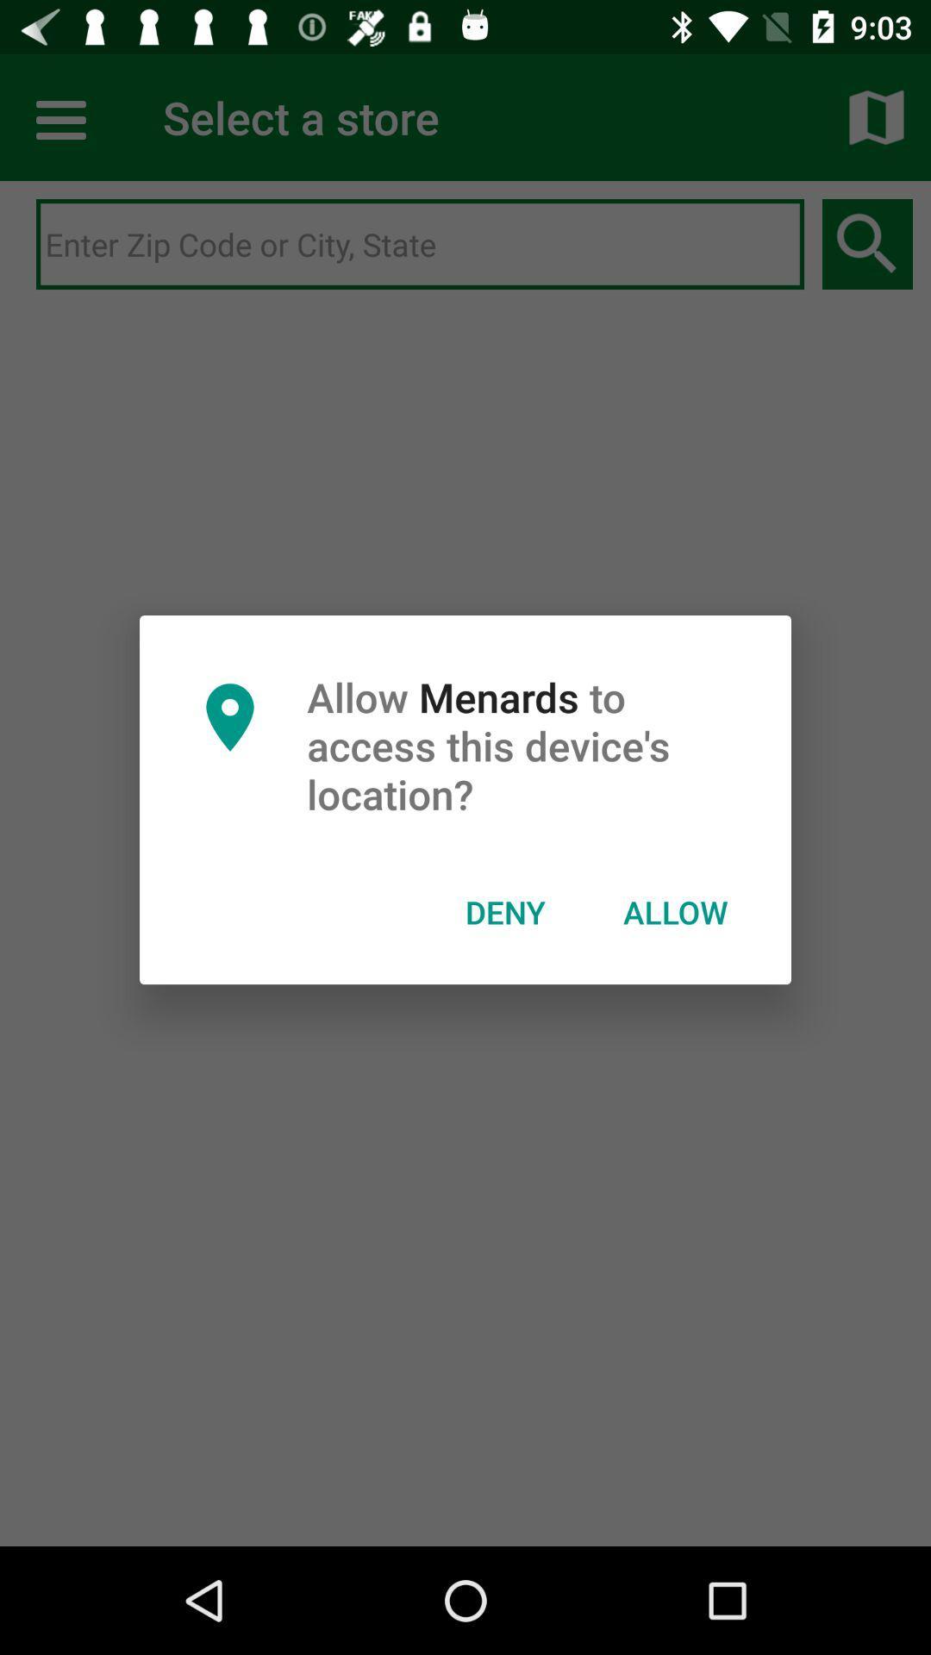 The width and height of the screenshot is (931, 1655). What do you see at coordinates (420, 244) in the screenshot?
I see `search` at bounding box center [420, 244].